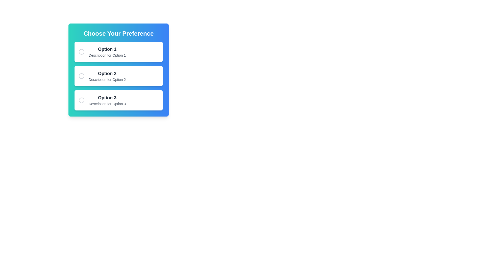 The height and width of the screenshot is (273, 485). What do you see at coordinates (107, 80) in the screenshot?
I see `the Text Label that reads 'Description for Option 2', which is located directly below the 'Option 2' label in the second option group of the interface` at bounding box center [107, 80].